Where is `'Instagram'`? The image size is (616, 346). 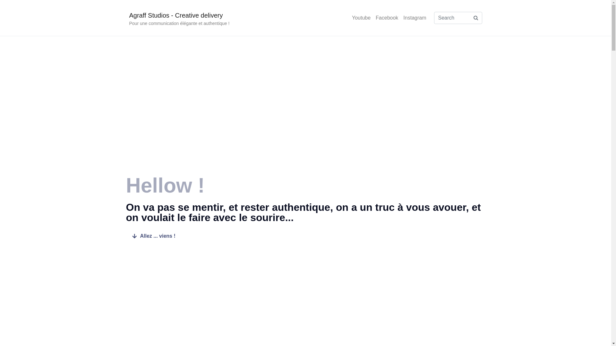 'Instagram' is located at coordinates (415, 18).